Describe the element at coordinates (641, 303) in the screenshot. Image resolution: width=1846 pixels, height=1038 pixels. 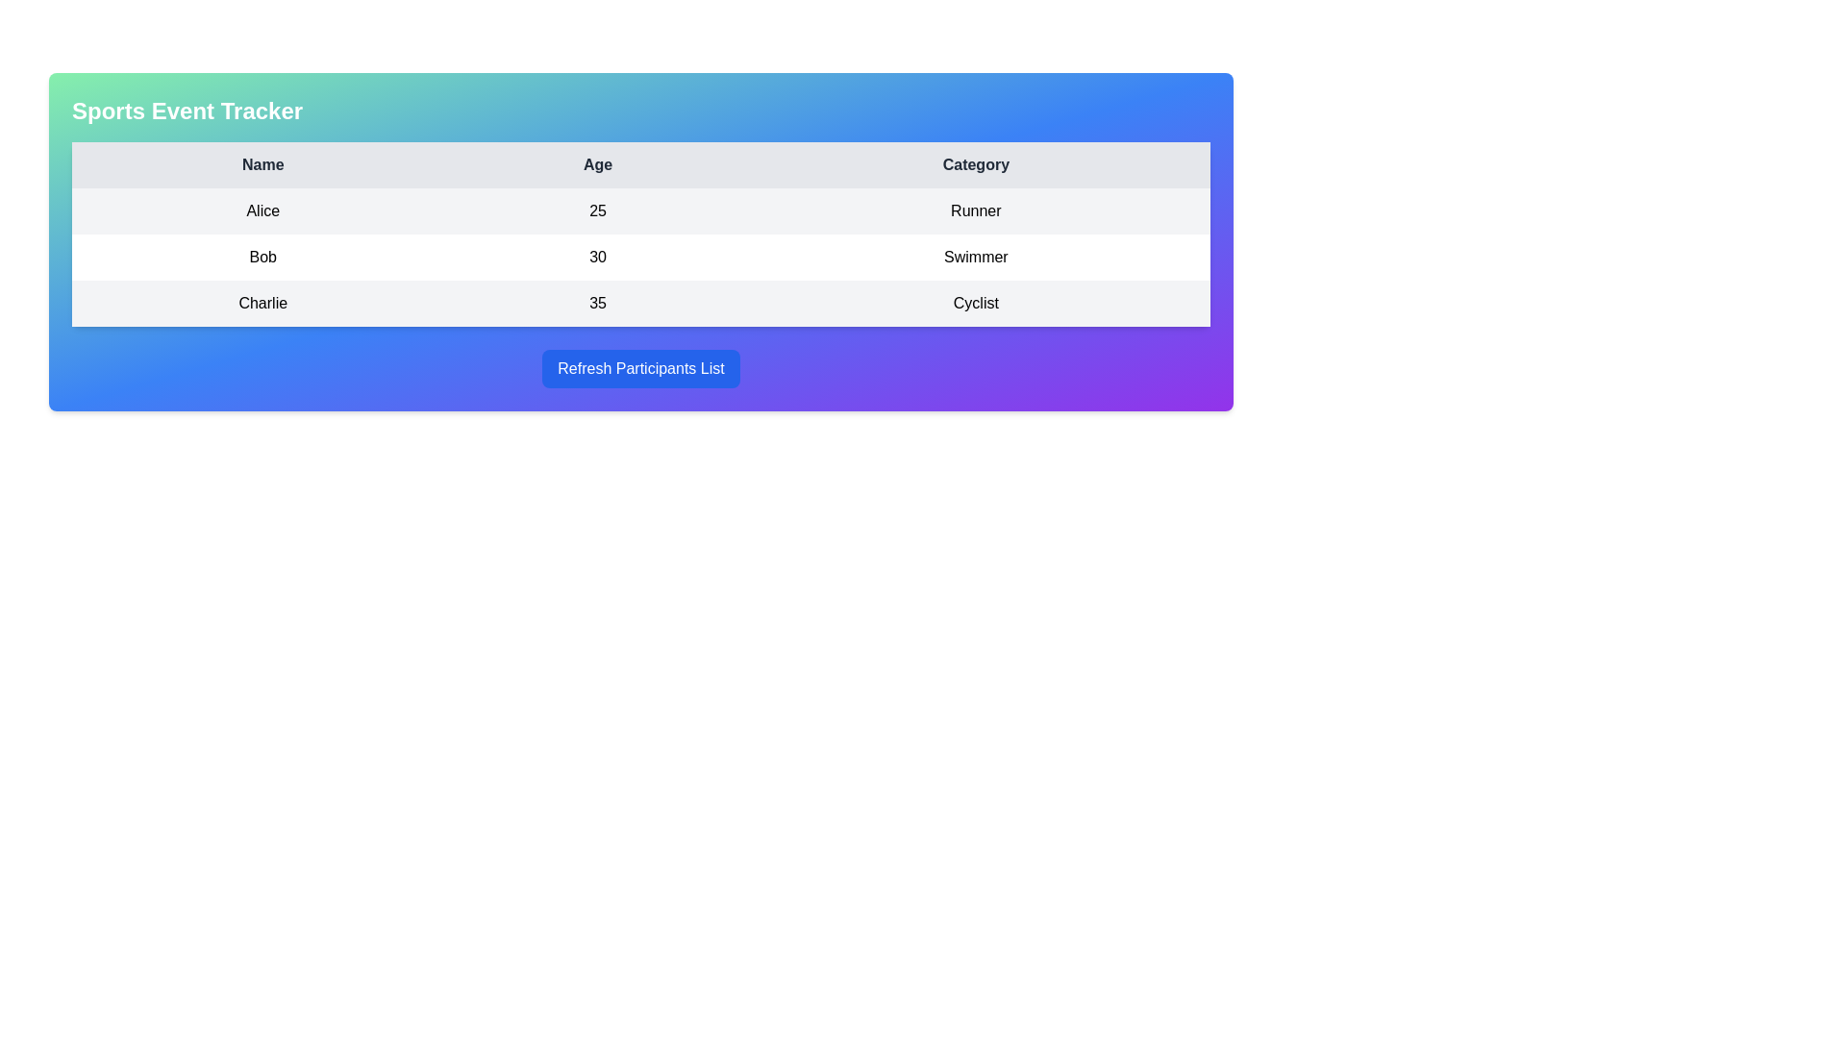
I see `the table row displaying data for 'Charlie', which includes their age (35) and category (Cyclist), located as the third row in the table` at that location.